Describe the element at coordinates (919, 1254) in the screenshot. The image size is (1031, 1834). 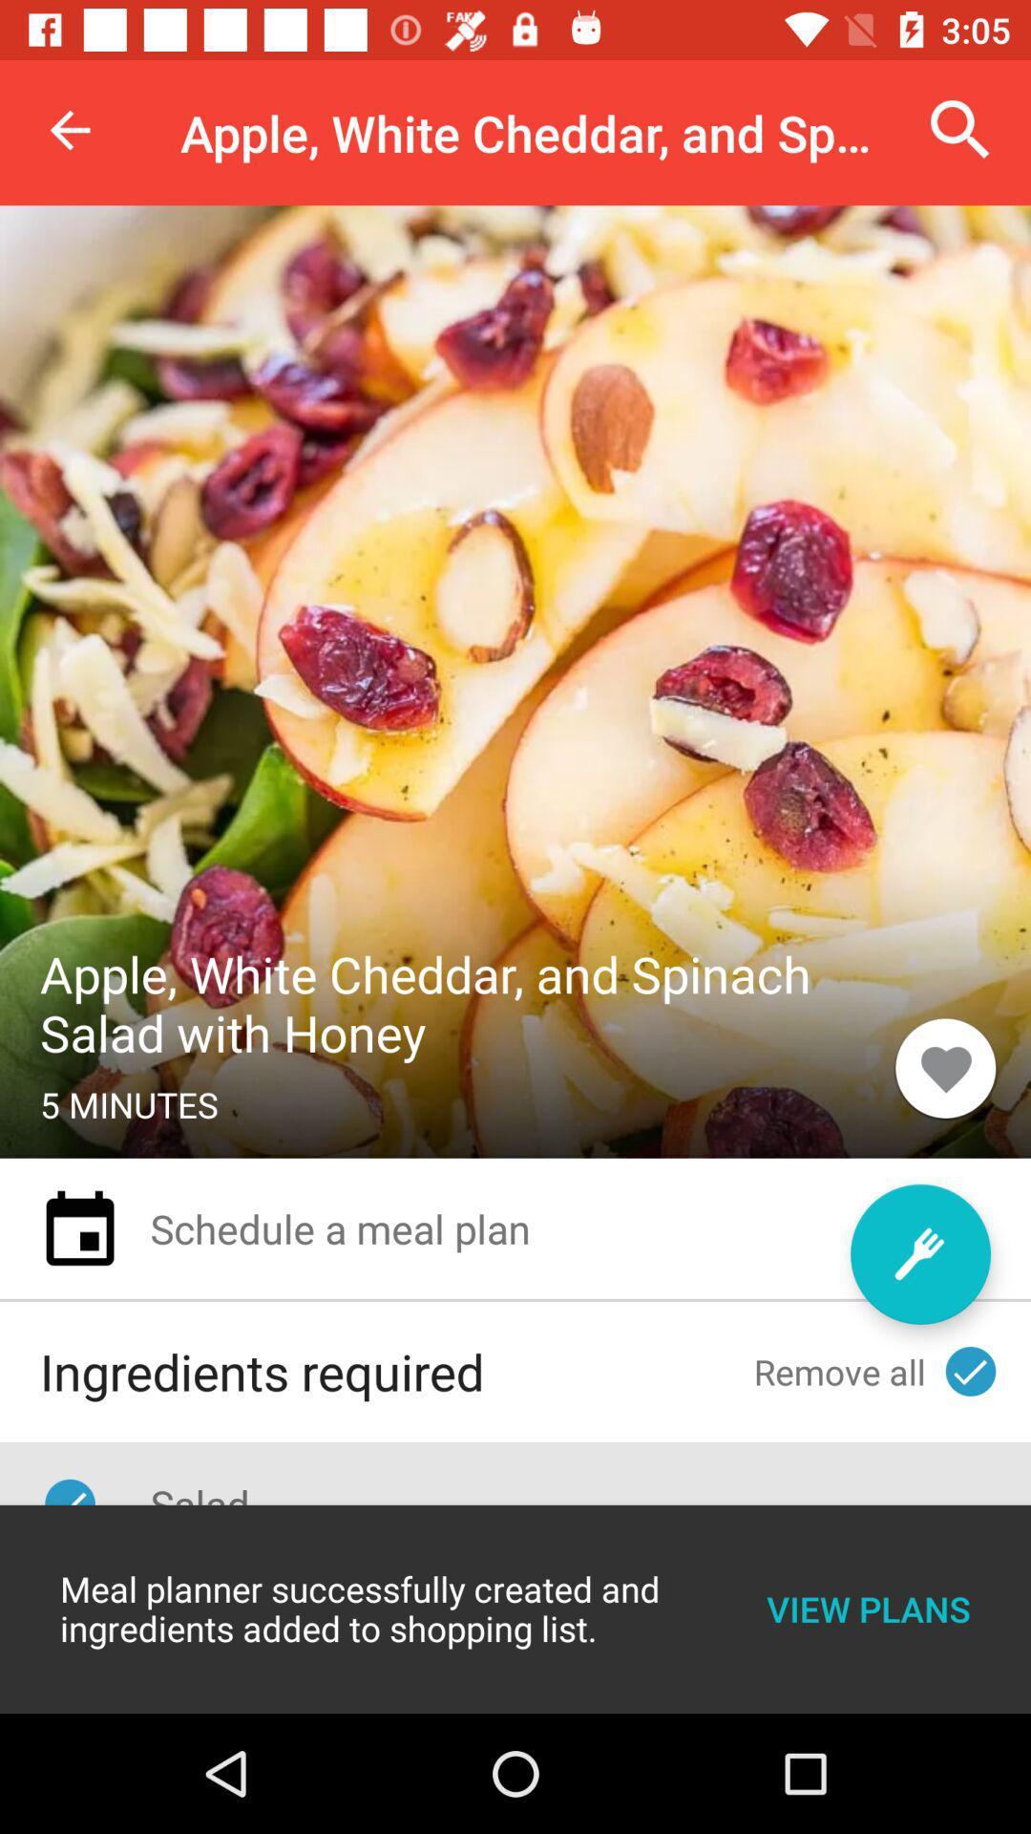
I see `the edit icon` at that location.